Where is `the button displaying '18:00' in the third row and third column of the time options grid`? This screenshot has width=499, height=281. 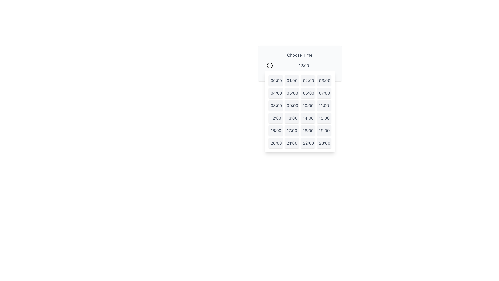 the button displaying '18:00' in the third row and third column of the time options grid is located at coordinates (308, 130).